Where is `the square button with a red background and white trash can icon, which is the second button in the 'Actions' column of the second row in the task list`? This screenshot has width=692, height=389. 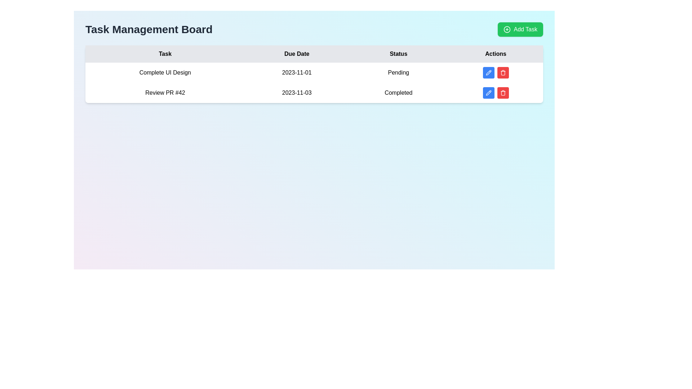 the square button with a red background and white trash can icon, which is the second button in the 'Actions' column of the second row in the task list is located at coordinates (502, 93).